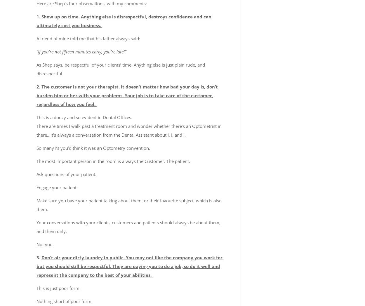 The height and width of the screenshot is (306, 365). I want to click on 'A friend of mine told me that his father always said:', so click(36, 38).